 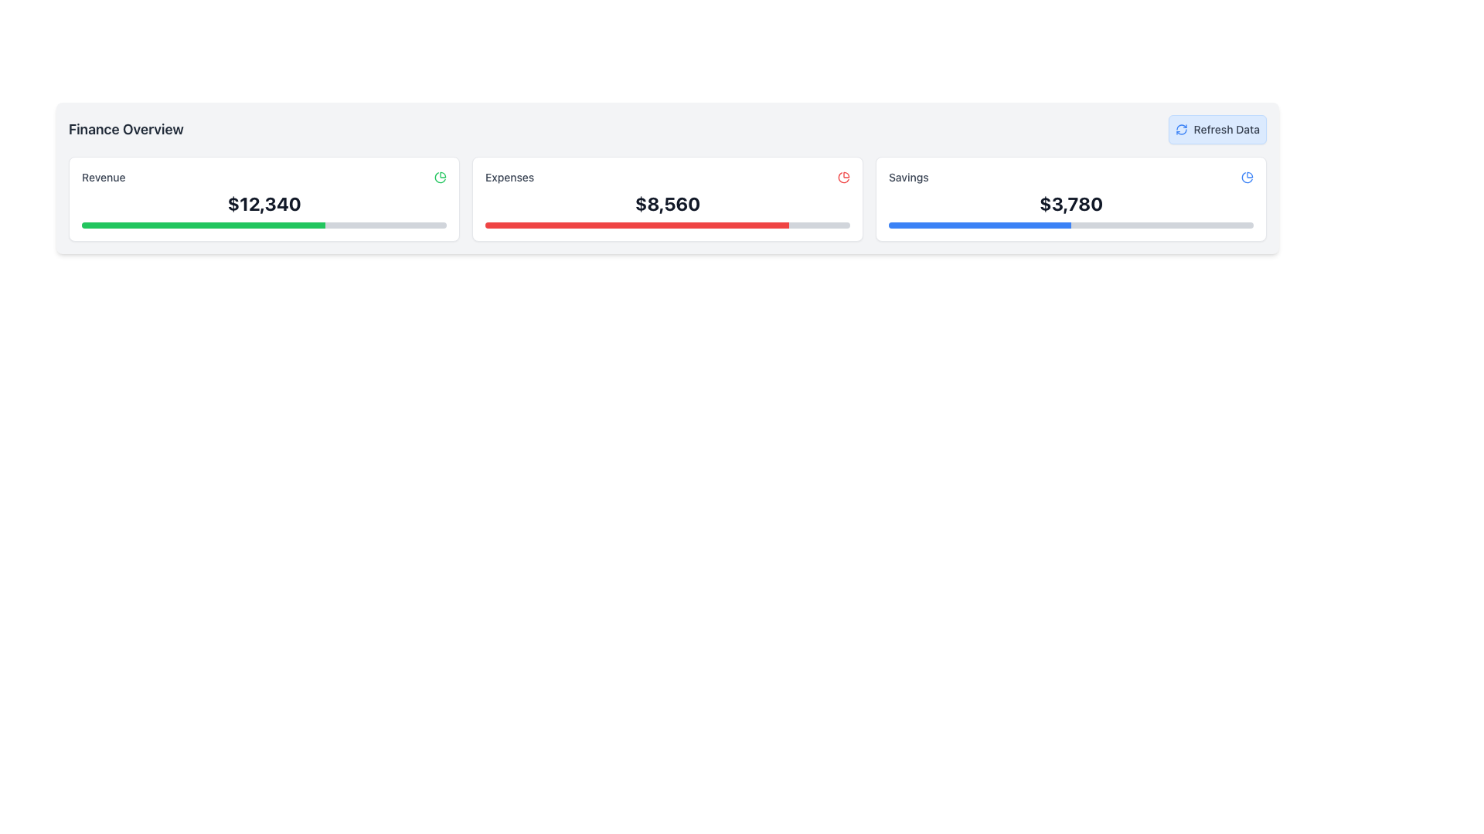 I want to click on monetary value displayed in the bold, large gray text labeled as 'Expenses', located beneath the 'Expenses' label and before the bar graph, so click(x=668, y=202).